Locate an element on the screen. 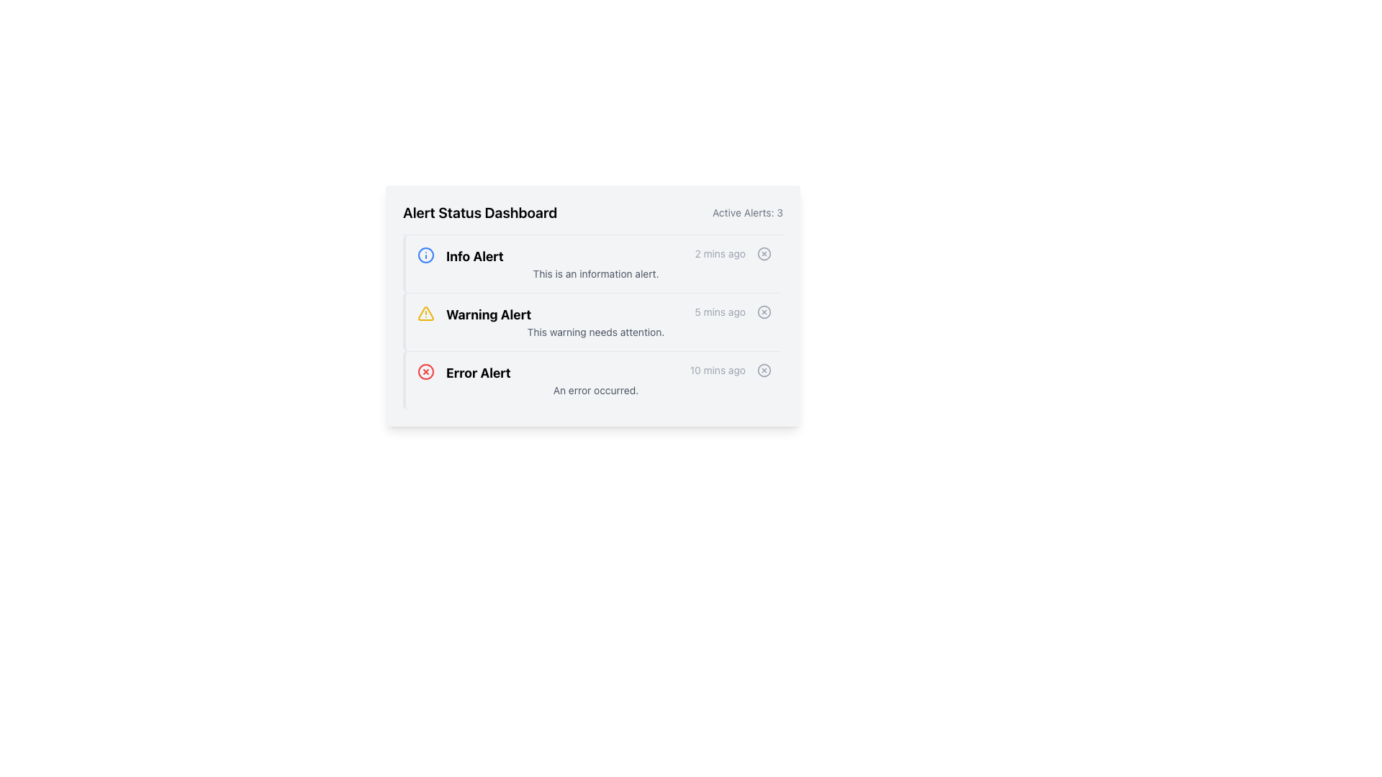 The image size is (1382, 777). the outer circular boundary of the 'Info Alert' icon, which is a circular SVG element with a blue border and a white background, positioned to the left of the 'Info Alert' label in the 'Alert Status Dashboard' section is located at coordinates (425, 254).